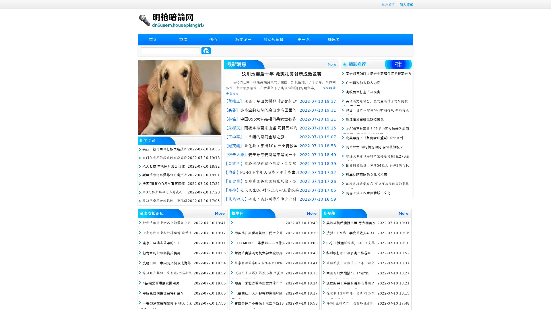 This screenshot has width=551, height=310. Describe the element at coordinates (206, 51) in the screenshot. I see `Search` at that location.